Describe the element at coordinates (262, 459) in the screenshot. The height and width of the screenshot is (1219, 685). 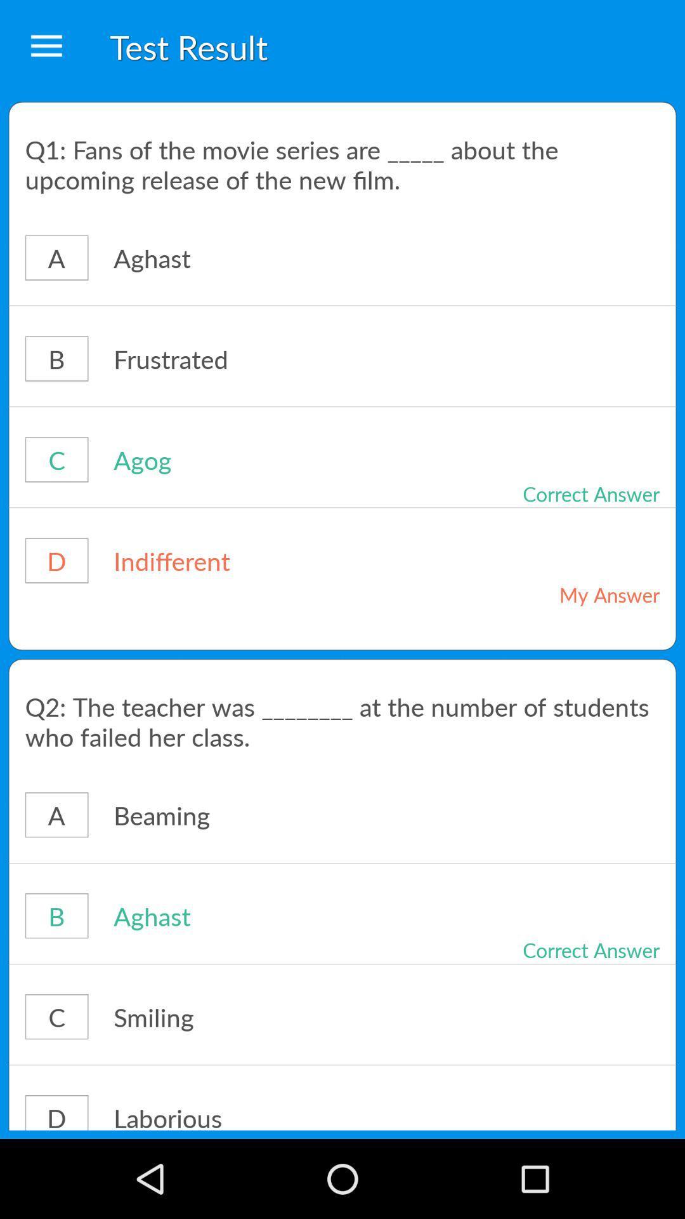
I see `the agog` at that location.